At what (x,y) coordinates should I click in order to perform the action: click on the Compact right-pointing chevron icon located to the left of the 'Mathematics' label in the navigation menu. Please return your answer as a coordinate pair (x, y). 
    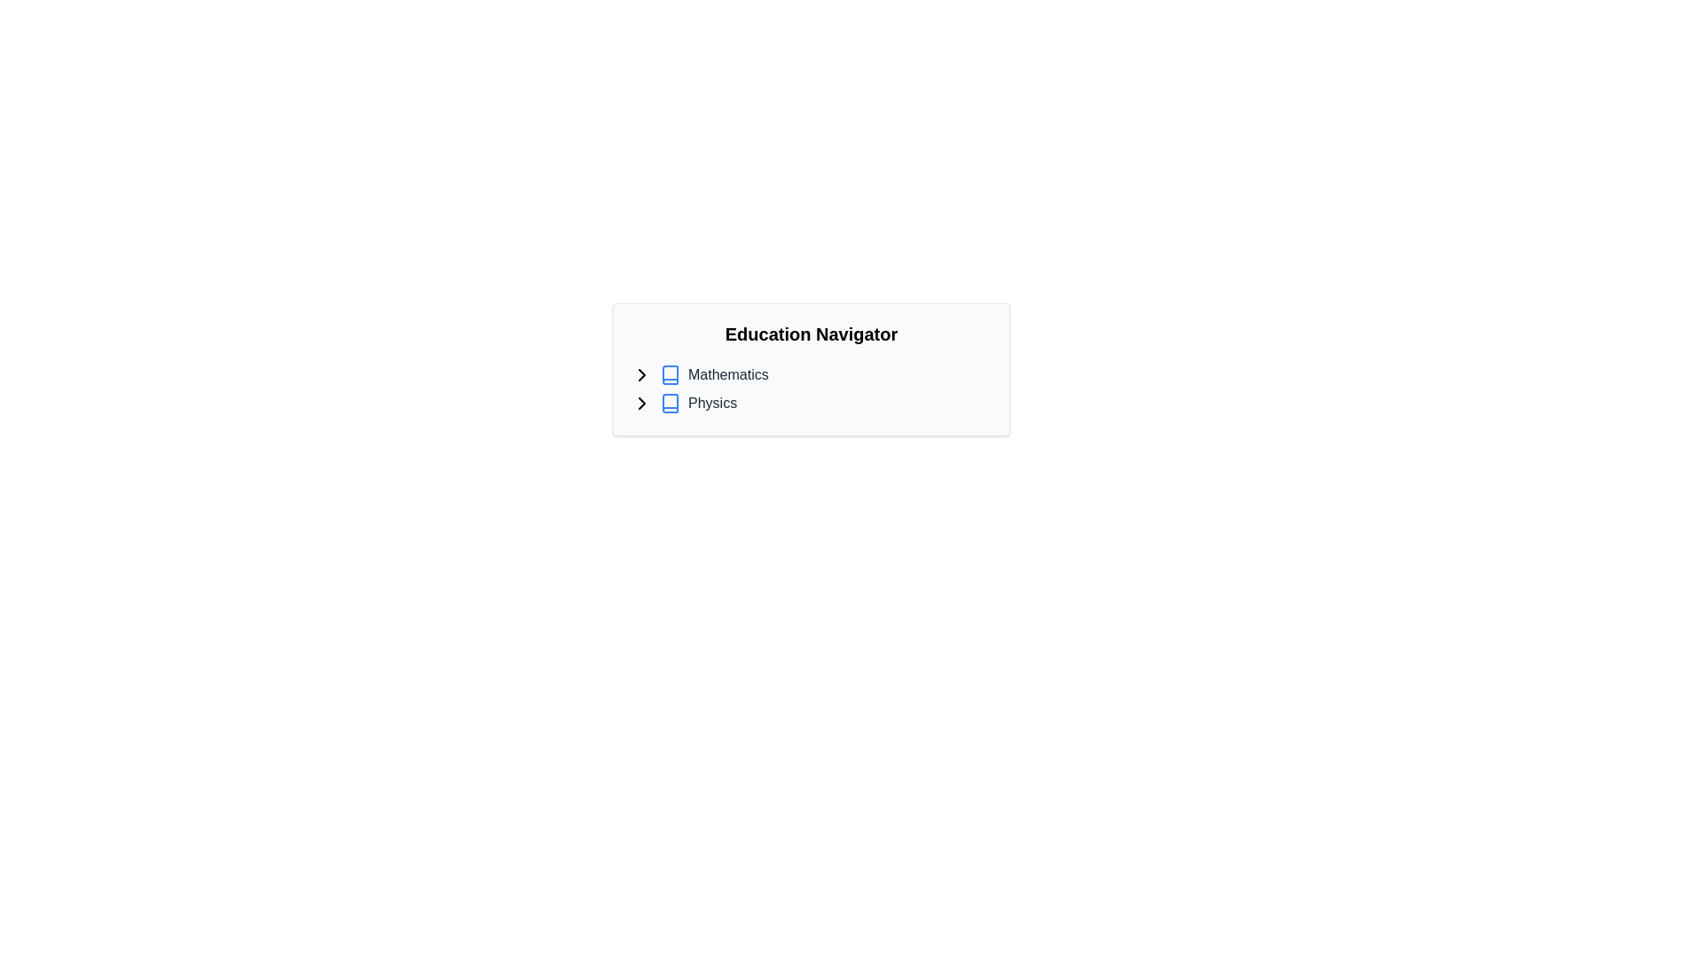
    Looking at the image, I should click on (641, 374).